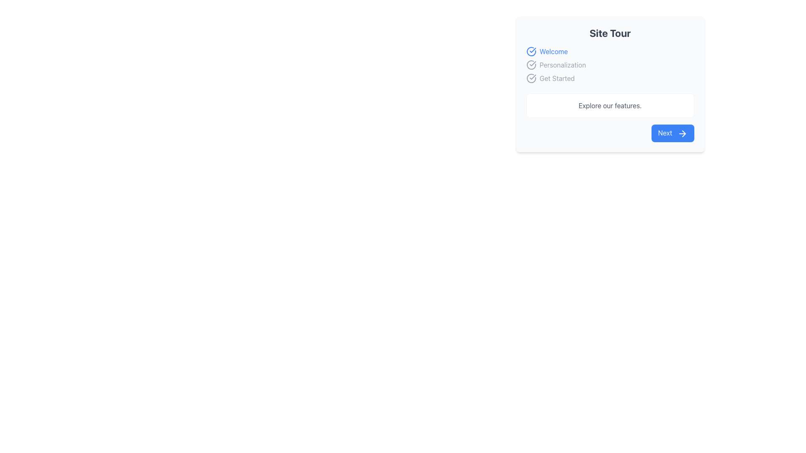 The height and width of the screenshot is (453, 806). What do you see at coordinates (531, 64) in the screenshot?
I see `the small circular icon with a checkmark that is positioned to the left of the 'Personalization' text in the checklist` at bounding box center [531, 64].